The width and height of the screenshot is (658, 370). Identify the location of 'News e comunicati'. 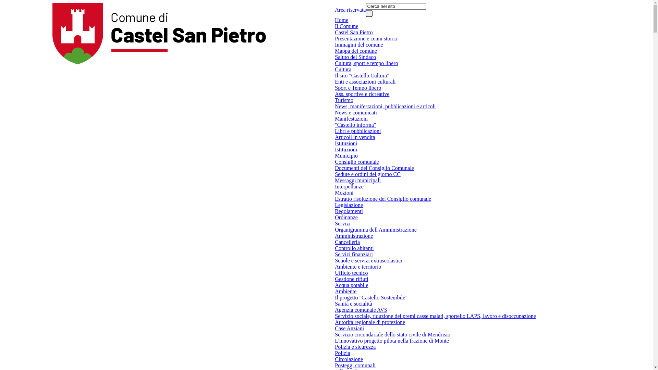
(356, 112).